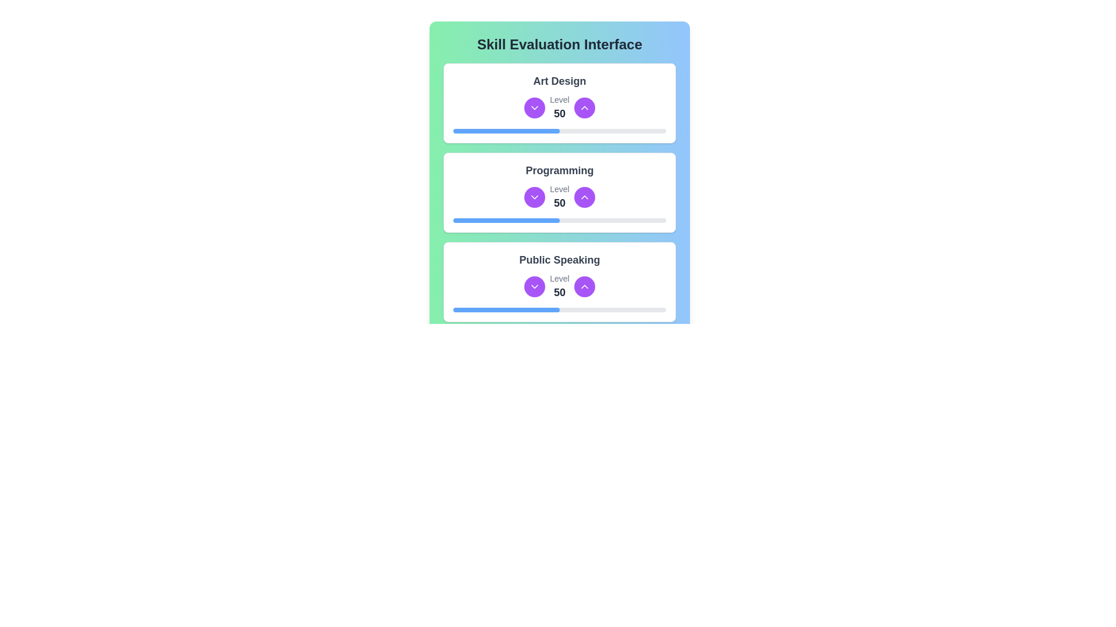 The width and height of the screenshot is (1116, 627). What do you see at coordinates (584, 196) in the screenshot?
I see `the upward pointing chevron icon within the circular button in the 'Programming' section of the skill evaluation interface to change its state` at bounding box center [584, 196].